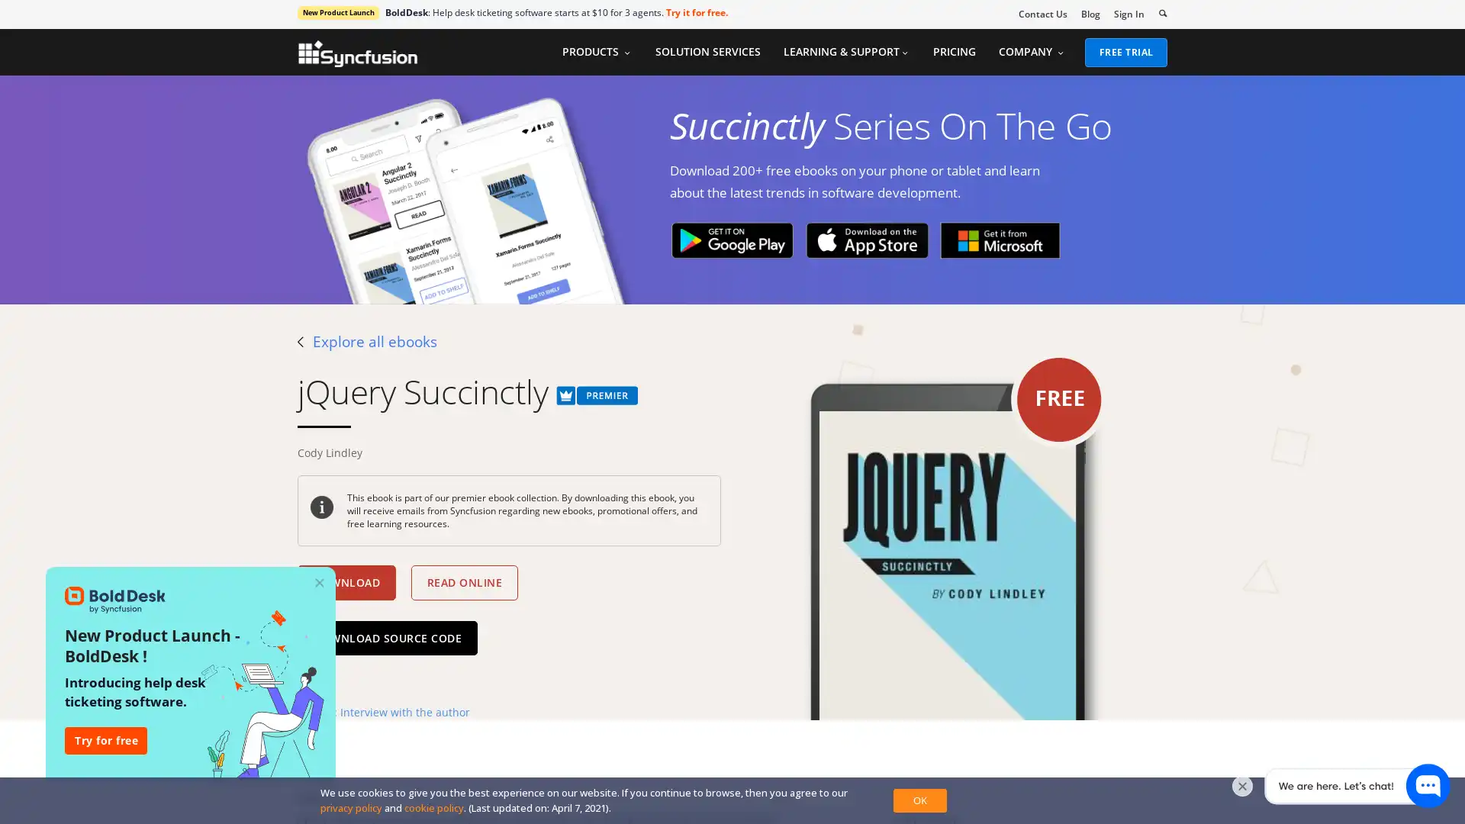 This screenshot has height=824, width=1465. What do you see at coordinates (845, 51) in the screenshot?
I see `LEARNING & SUPPORT` at bounding box center [845, 51].